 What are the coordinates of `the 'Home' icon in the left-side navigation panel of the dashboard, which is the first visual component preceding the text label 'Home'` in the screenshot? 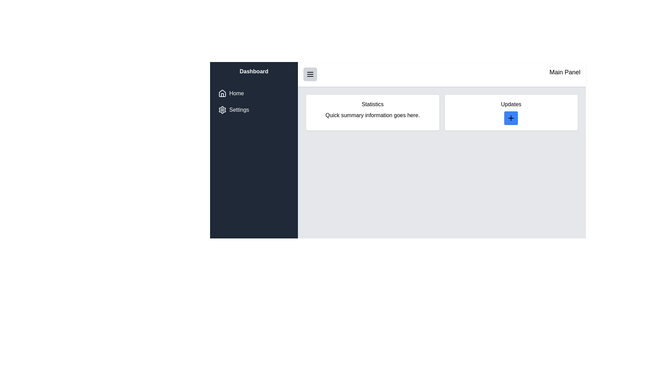 It's located at (222, 94).